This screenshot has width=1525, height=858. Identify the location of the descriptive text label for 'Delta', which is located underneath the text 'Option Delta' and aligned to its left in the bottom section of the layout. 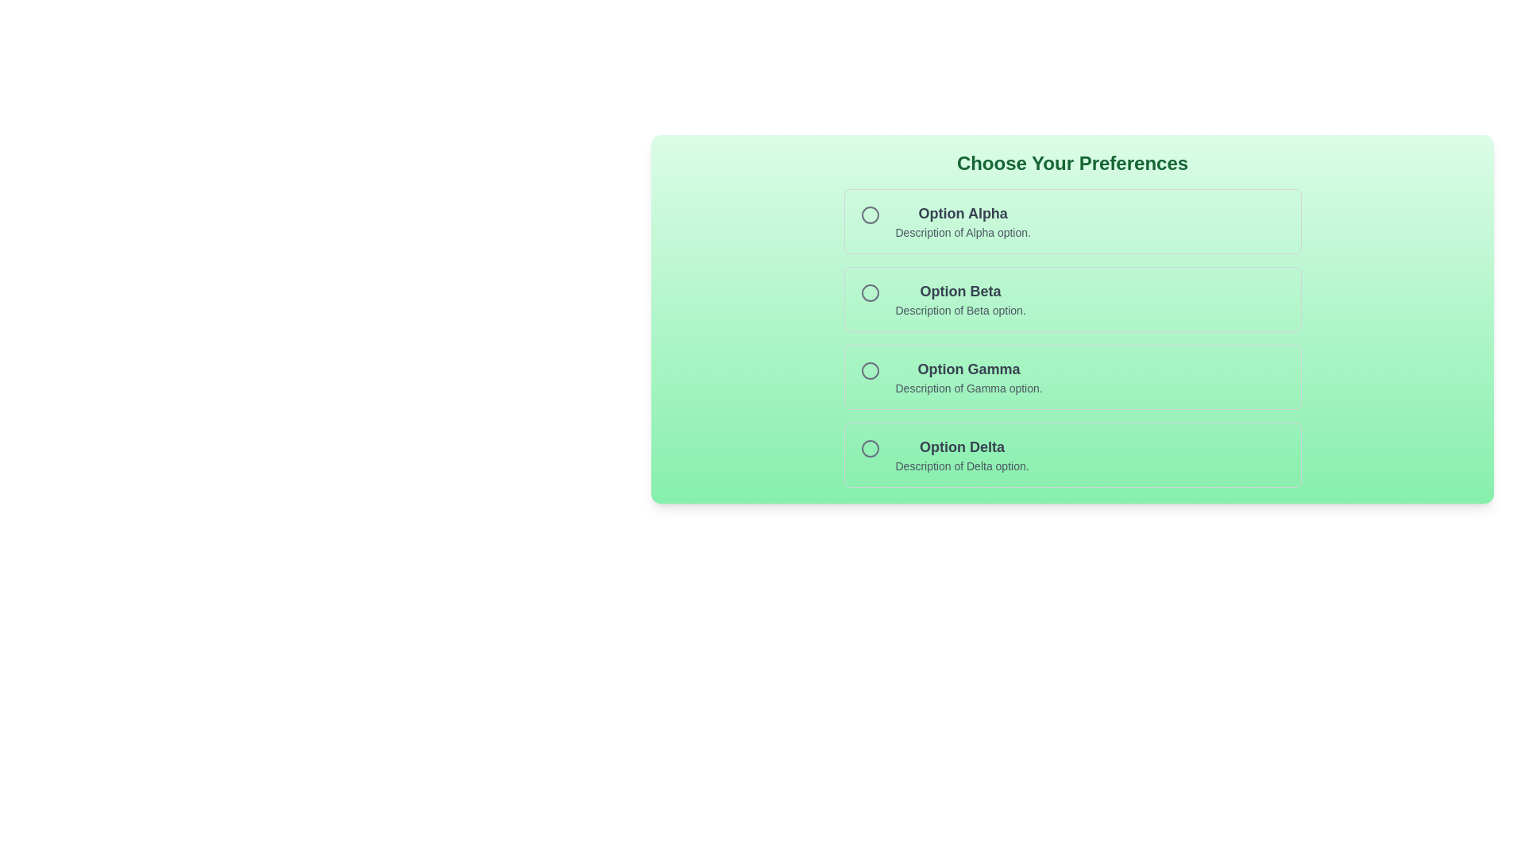
(961, 465).